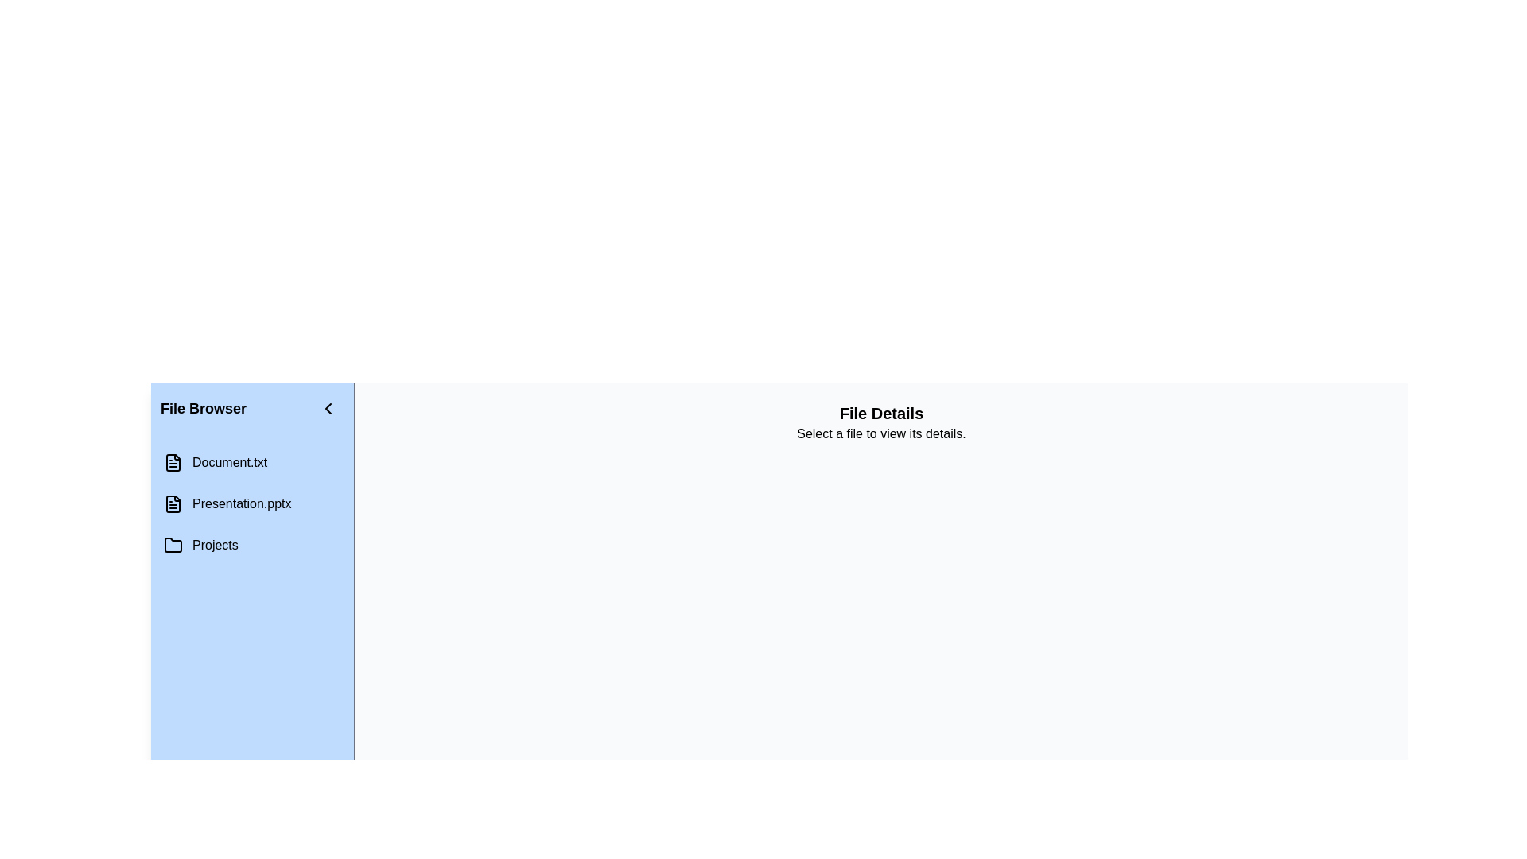  What do you see at coordinates (327, 407) in the screenshot?
I see `the left-facing chevron icon located in the top part of the left sidebar, which is associated with the 'File Browser' header` at bounding box center [327, 407].